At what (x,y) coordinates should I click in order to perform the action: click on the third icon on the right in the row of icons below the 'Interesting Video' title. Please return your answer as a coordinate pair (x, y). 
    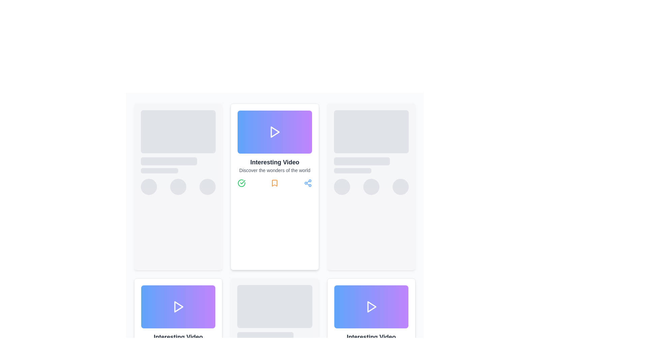
    Looking at the image, I should click on (307, 183).